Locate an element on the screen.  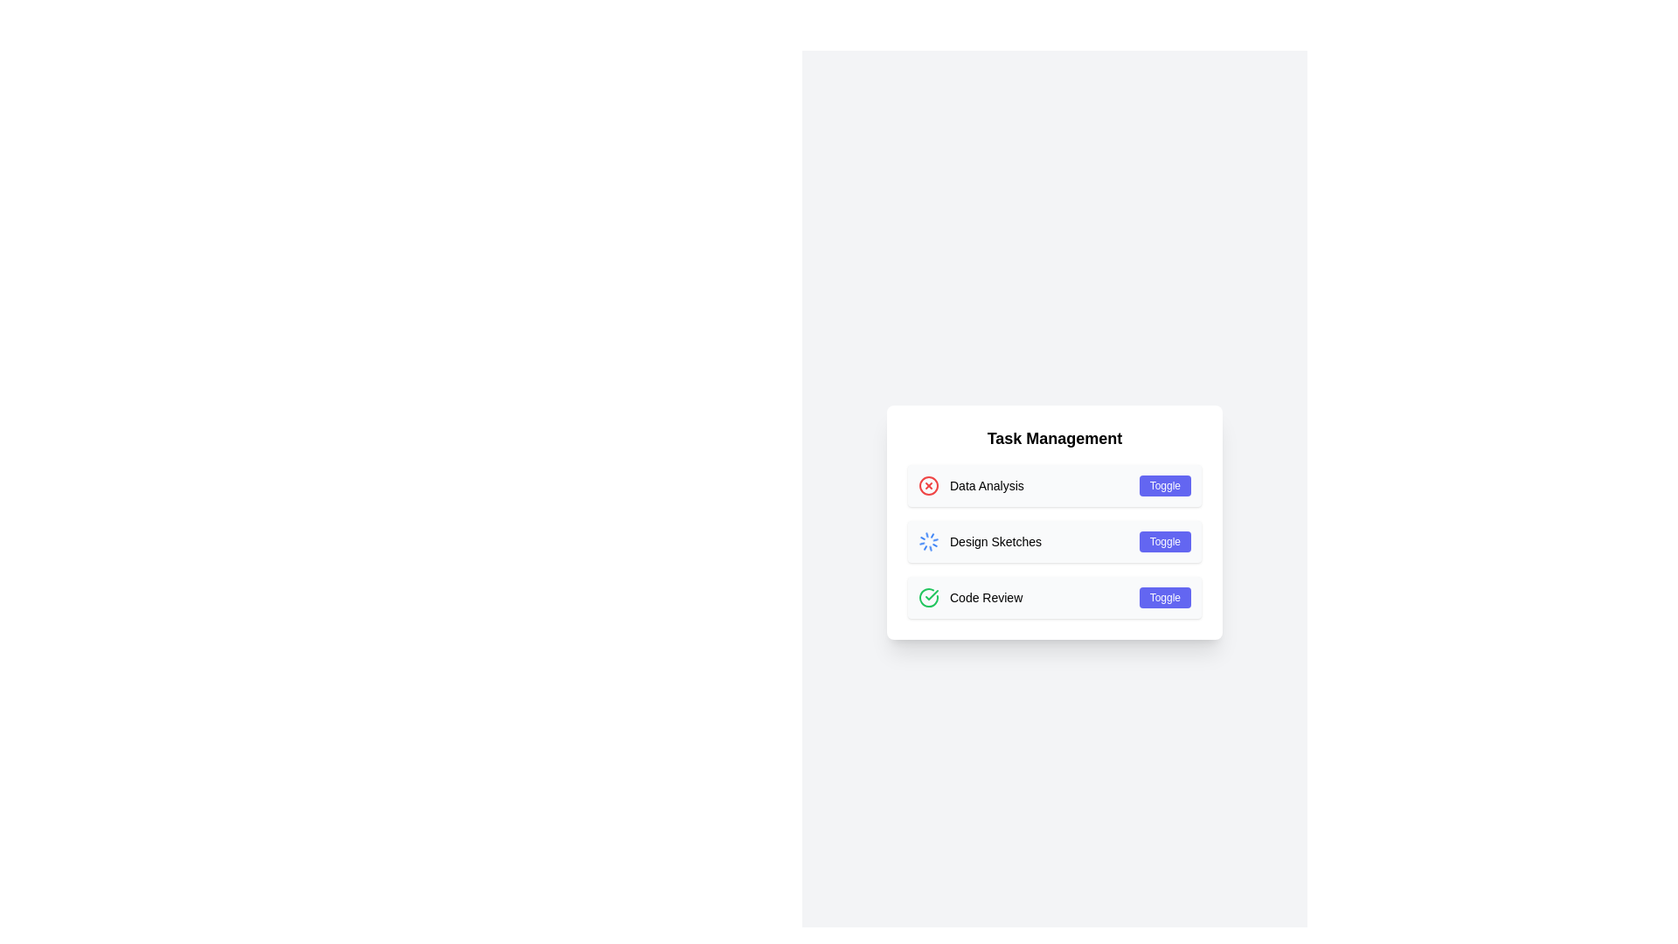
the 'Code Review' text label, which is styled in a small font and located to the right of a green check icon in the task management interface is located at coordinates (986, 596).